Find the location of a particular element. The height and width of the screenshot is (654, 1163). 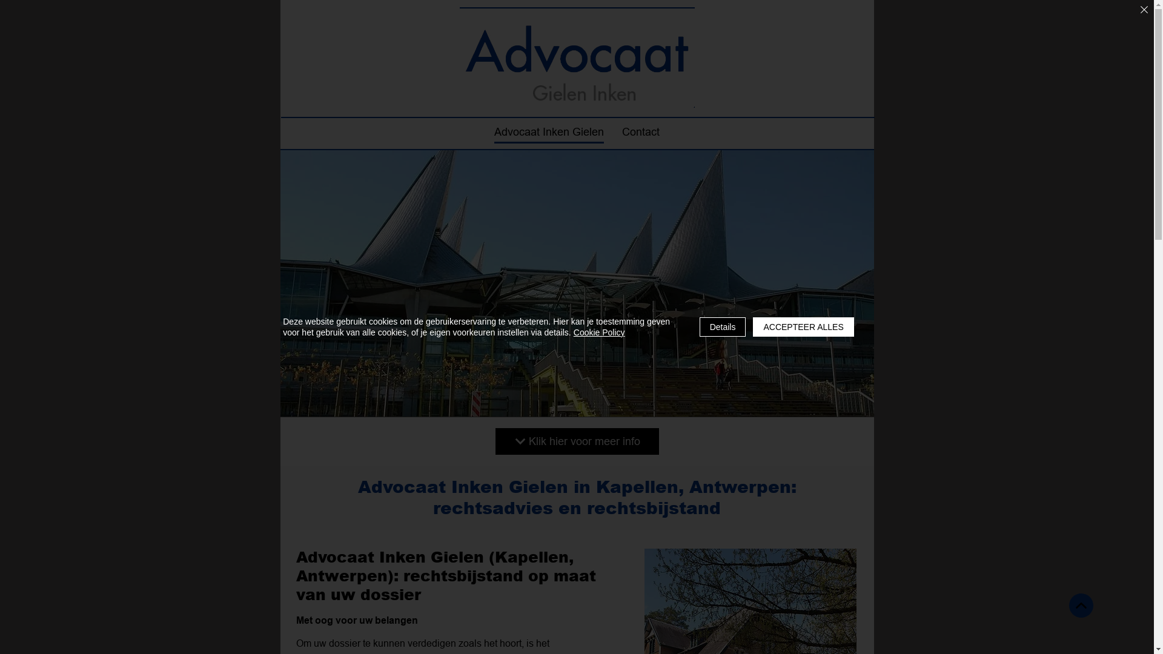

'Contact' is located at coordinates (639, 133).